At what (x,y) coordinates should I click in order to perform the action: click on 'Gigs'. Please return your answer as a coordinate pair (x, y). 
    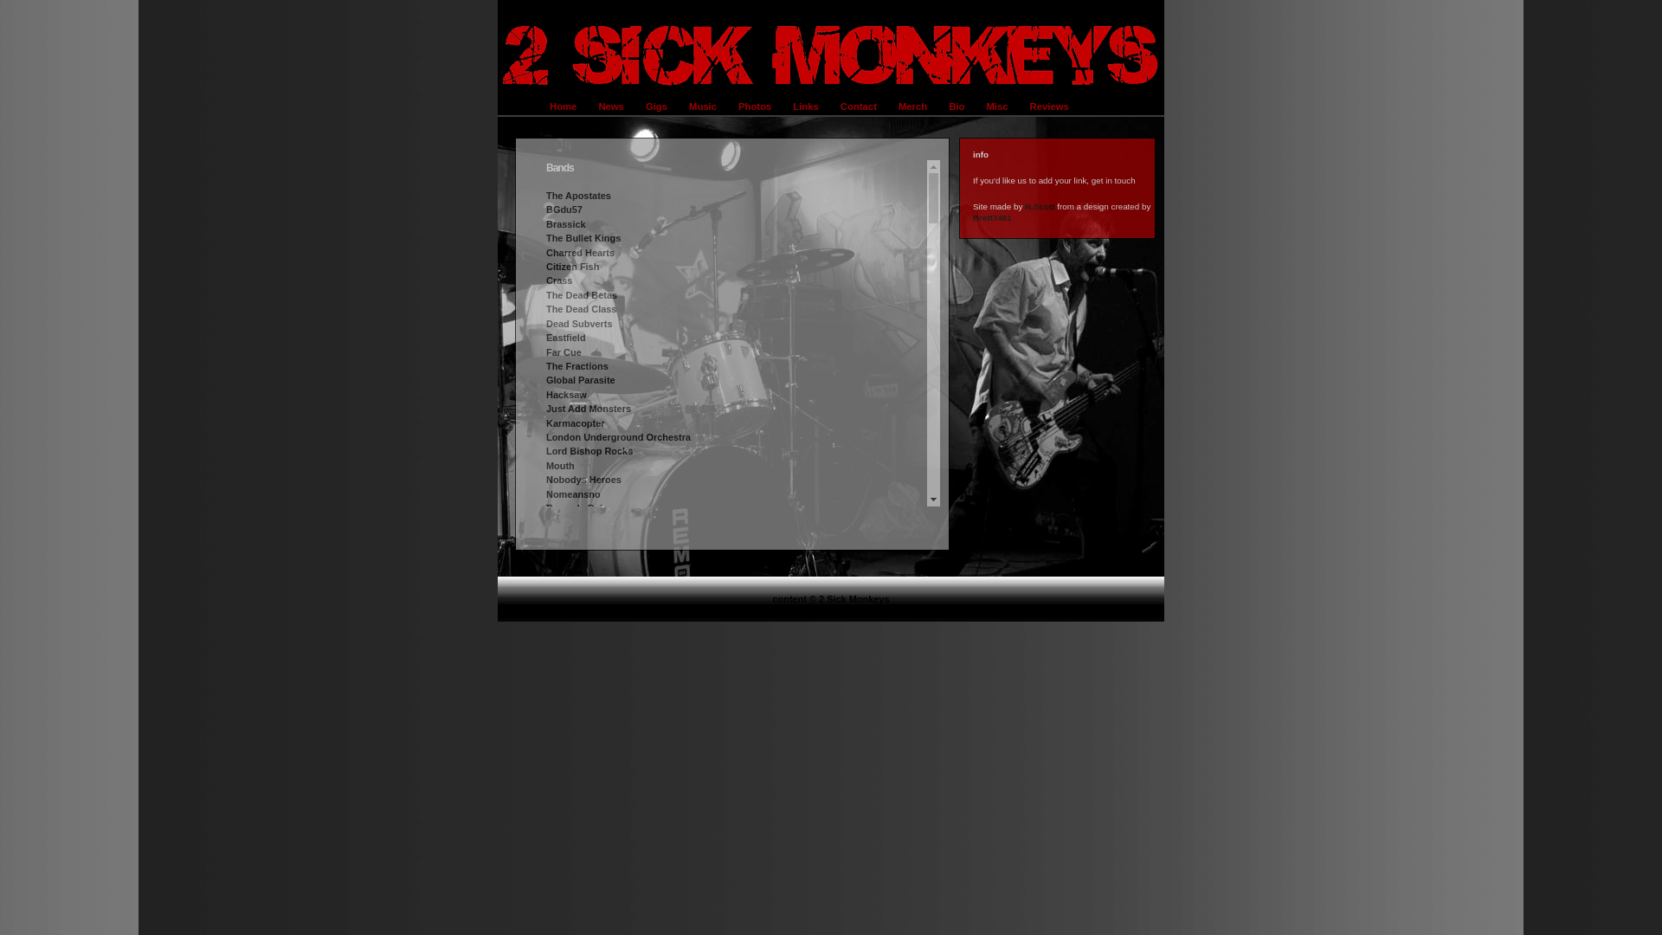
    Looking at the image, I should click on (658, 106).